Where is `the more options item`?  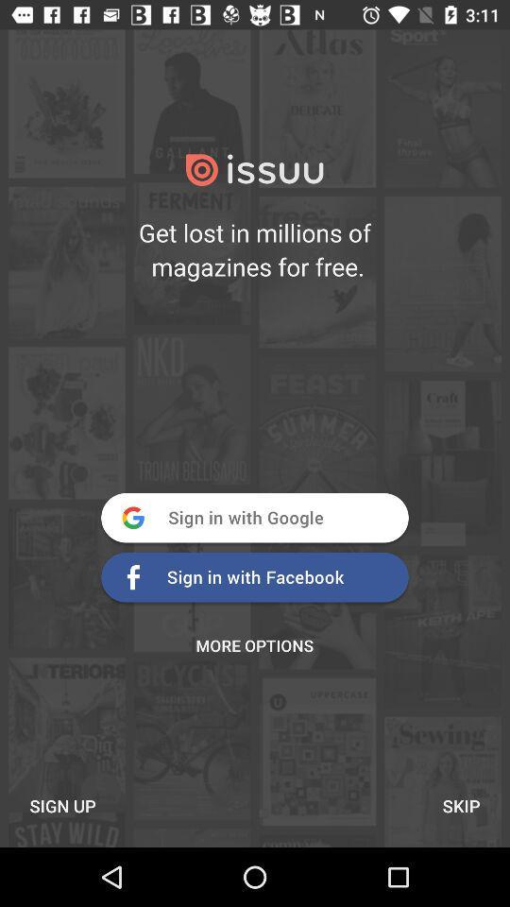 the more options item is located at coordinates (254, 645).